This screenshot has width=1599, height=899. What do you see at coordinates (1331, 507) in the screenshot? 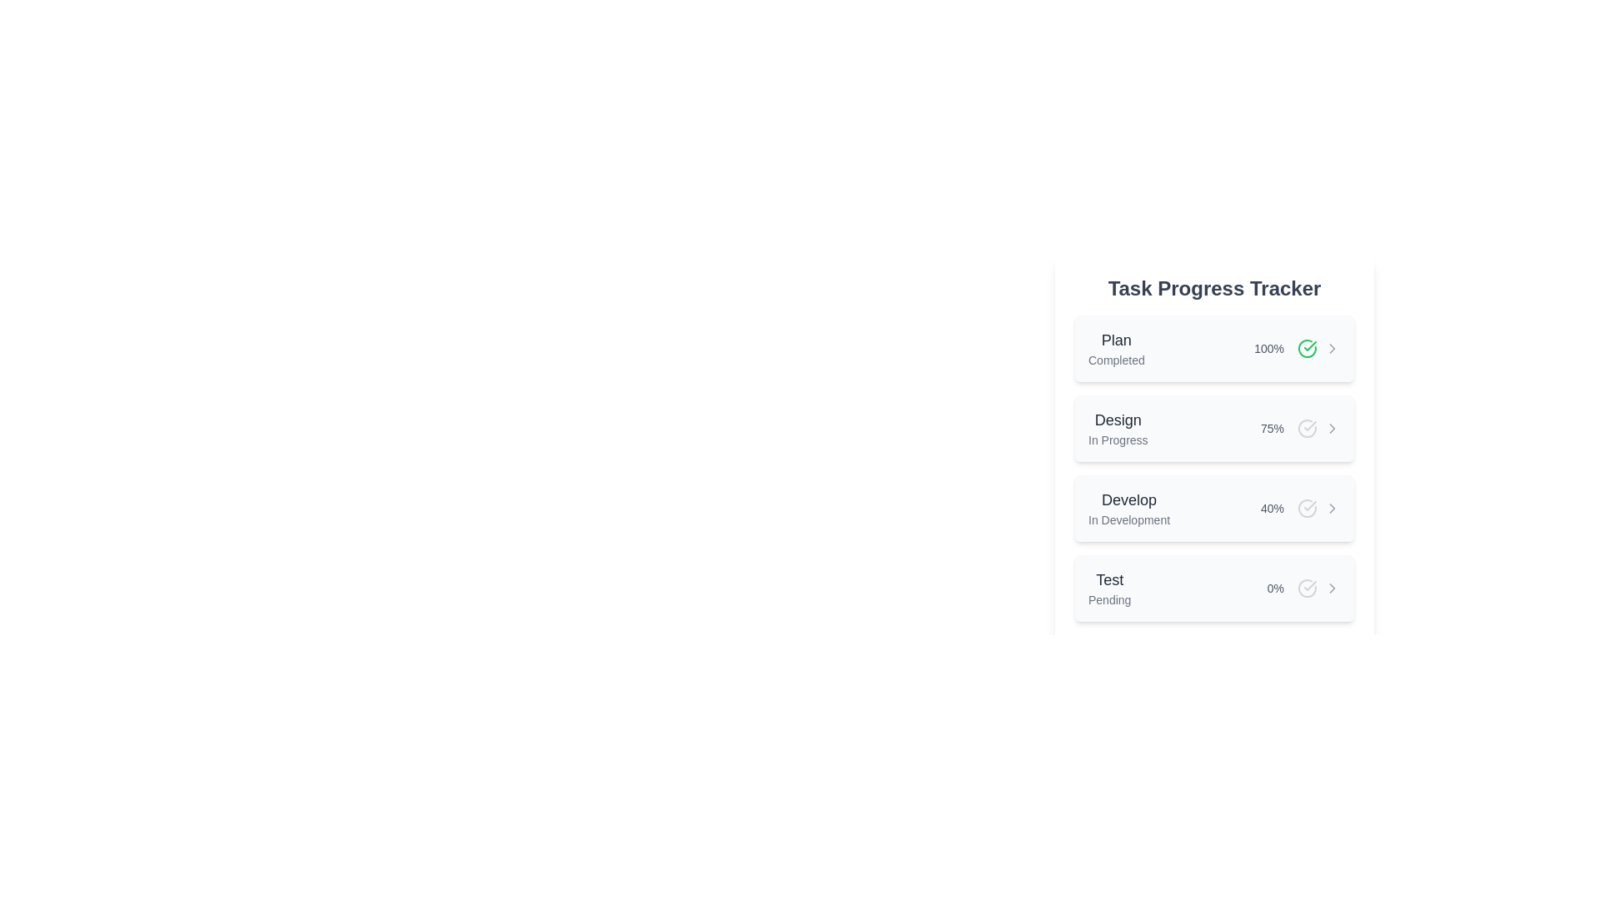
I see `the Chevron icon located at the rightmost edge of the 'Develop' section next to the '40%' text` at bounding box center [1331, 507].